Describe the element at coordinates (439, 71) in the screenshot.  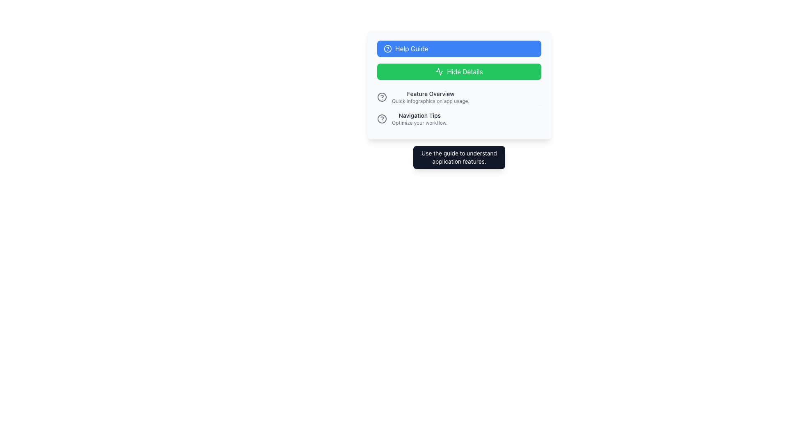
I see `the graphical icon located centrally within the green rectangular button labeled 'Hide Details' to toggle the visibility of additional details` at that location.